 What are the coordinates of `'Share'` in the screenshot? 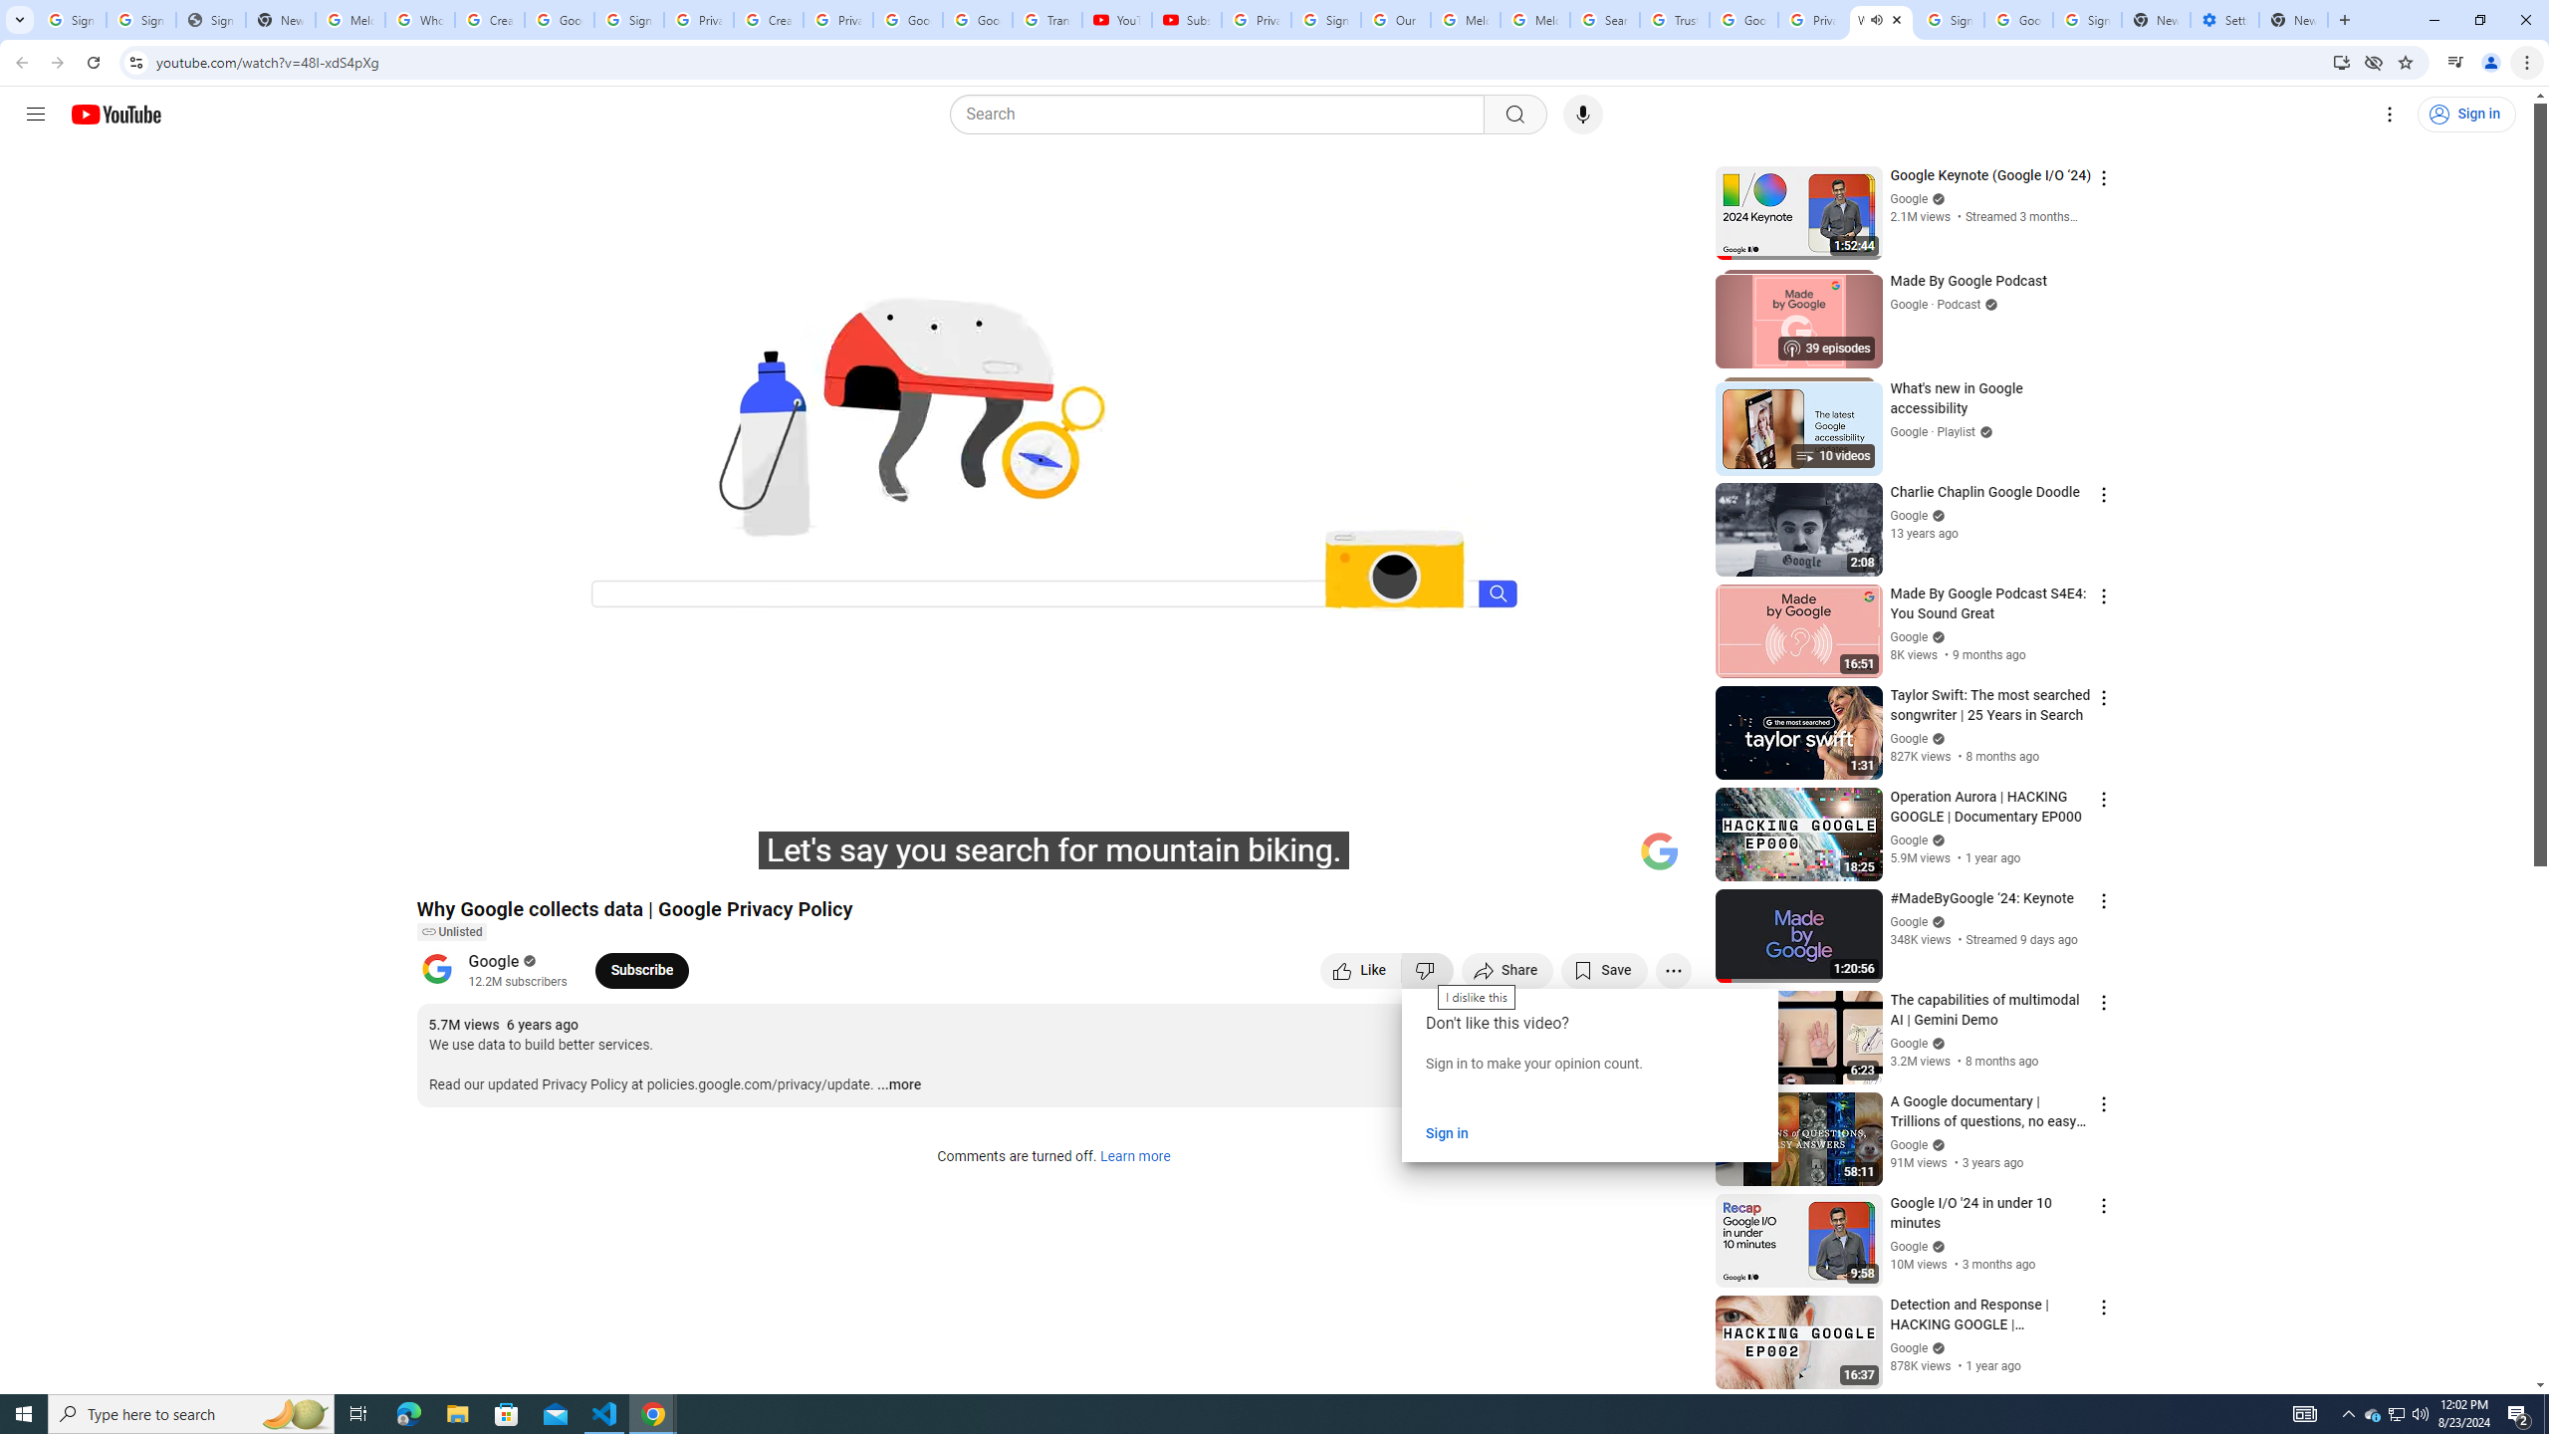 It's located at (1506, 969).